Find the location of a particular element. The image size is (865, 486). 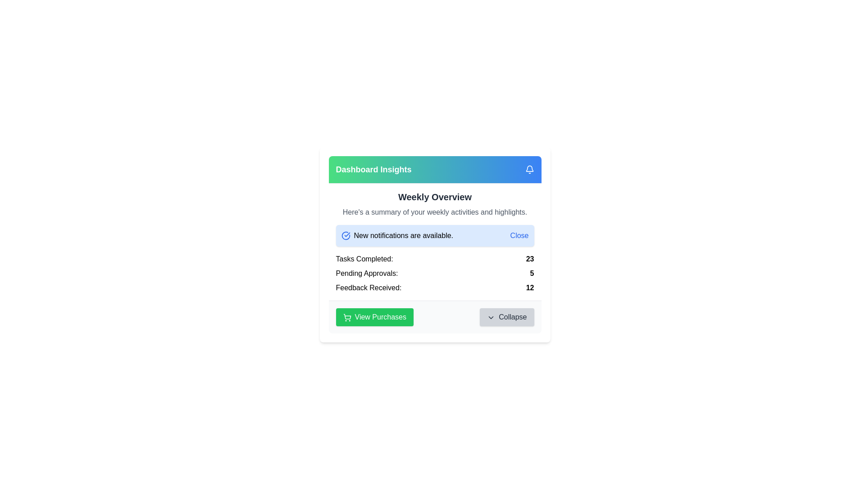

text label 'Pending Approvals:' located on the left side of the row under the 'Weekly Overview' section of the dashboard interface is located at coordinates (367, 273).